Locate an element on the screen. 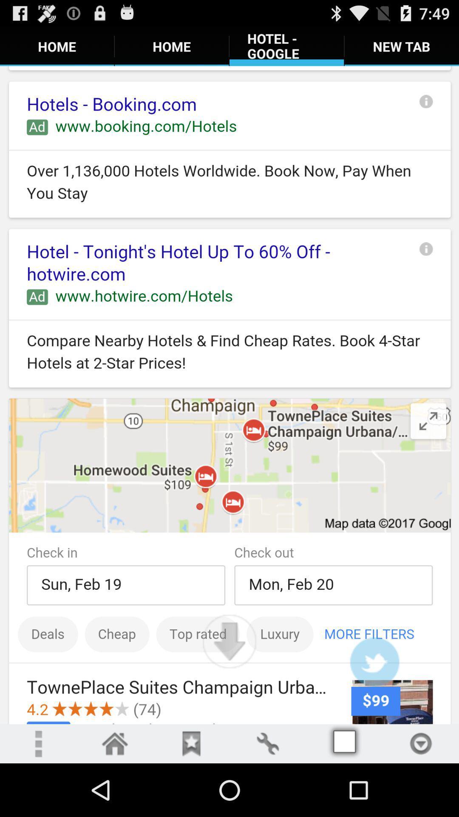 The height and width of the screenshot is (817, 459). home page is located at coordinates (115, 743).